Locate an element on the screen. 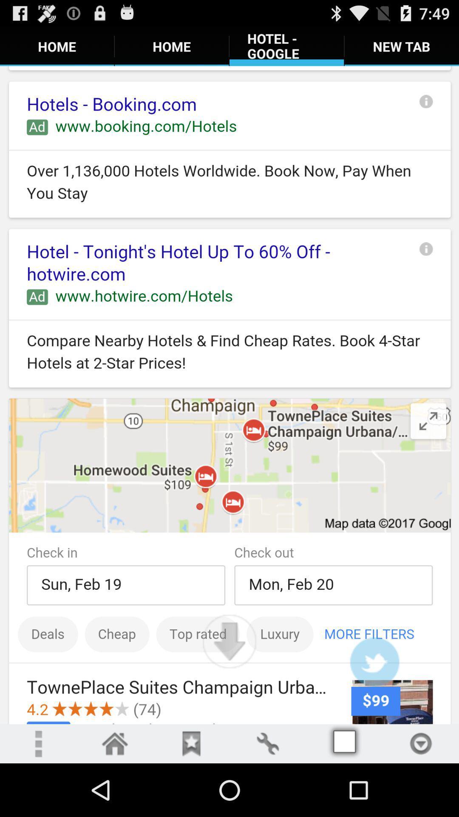 The height and width of the screenshot is (817, 459). home page is located at coordinates (115, 743).